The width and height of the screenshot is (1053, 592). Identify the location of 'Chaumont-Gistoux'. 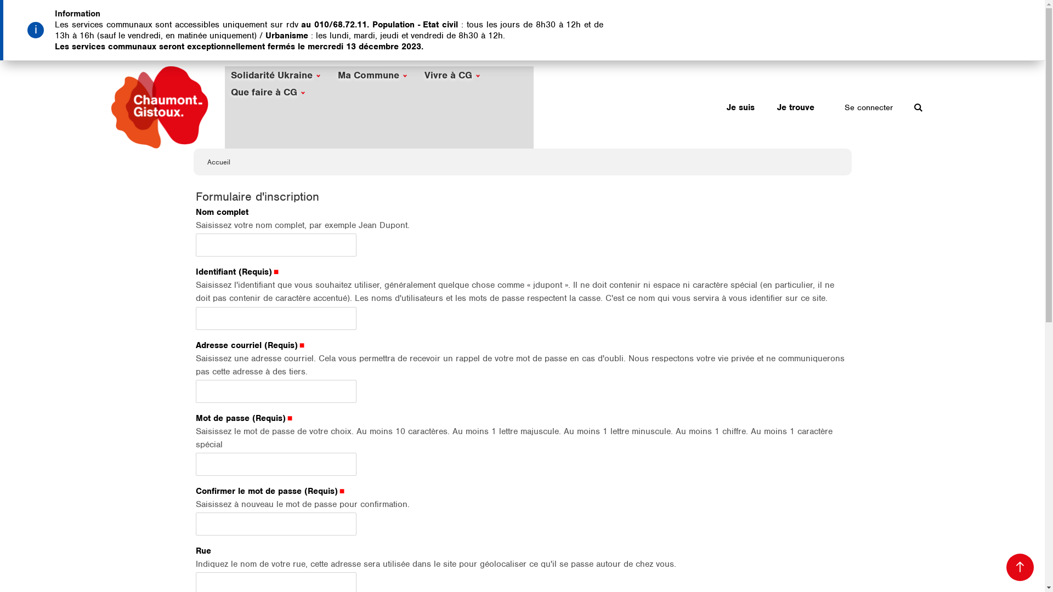
(158, 107).